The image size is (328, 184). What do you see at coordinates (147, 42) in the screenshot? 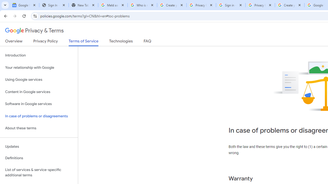
I see `'FAQ'` at bounding box center [147, 42].